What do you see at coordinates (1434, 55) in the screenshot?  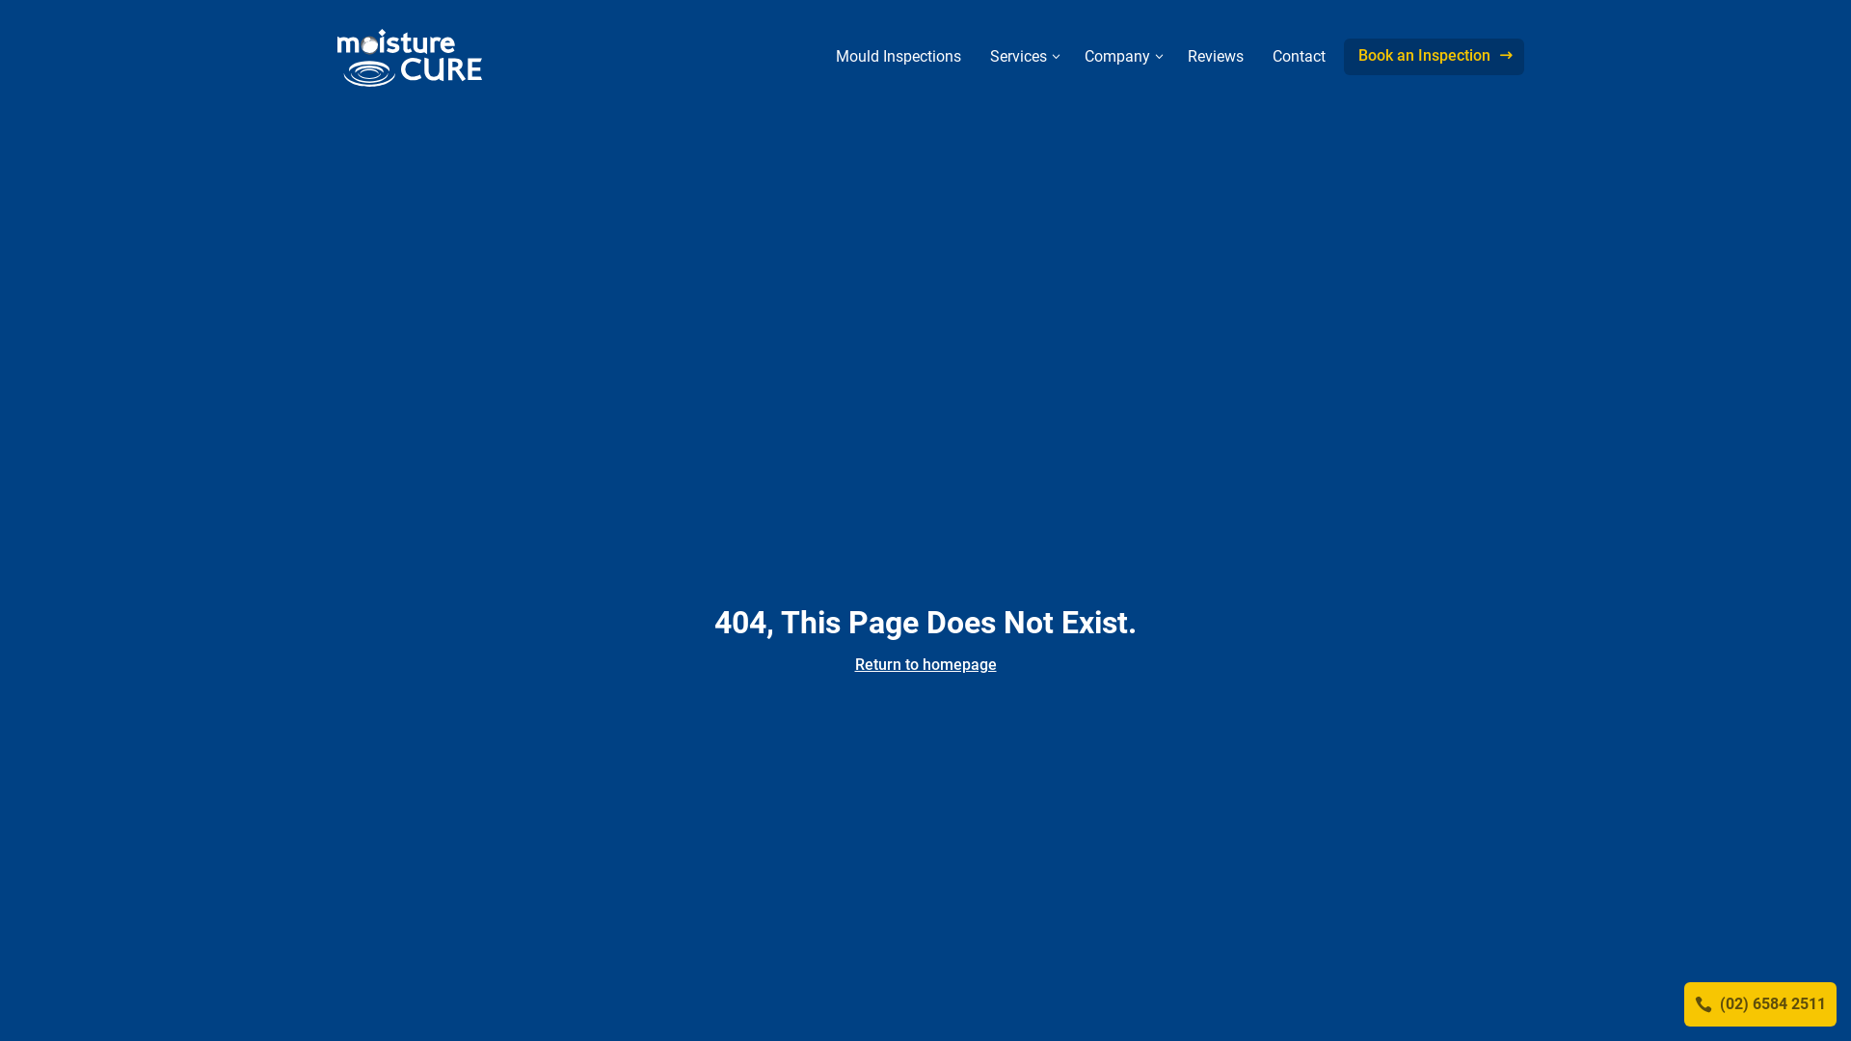 I see `'Book an Inspection'` at bounding box center [1434, 55].